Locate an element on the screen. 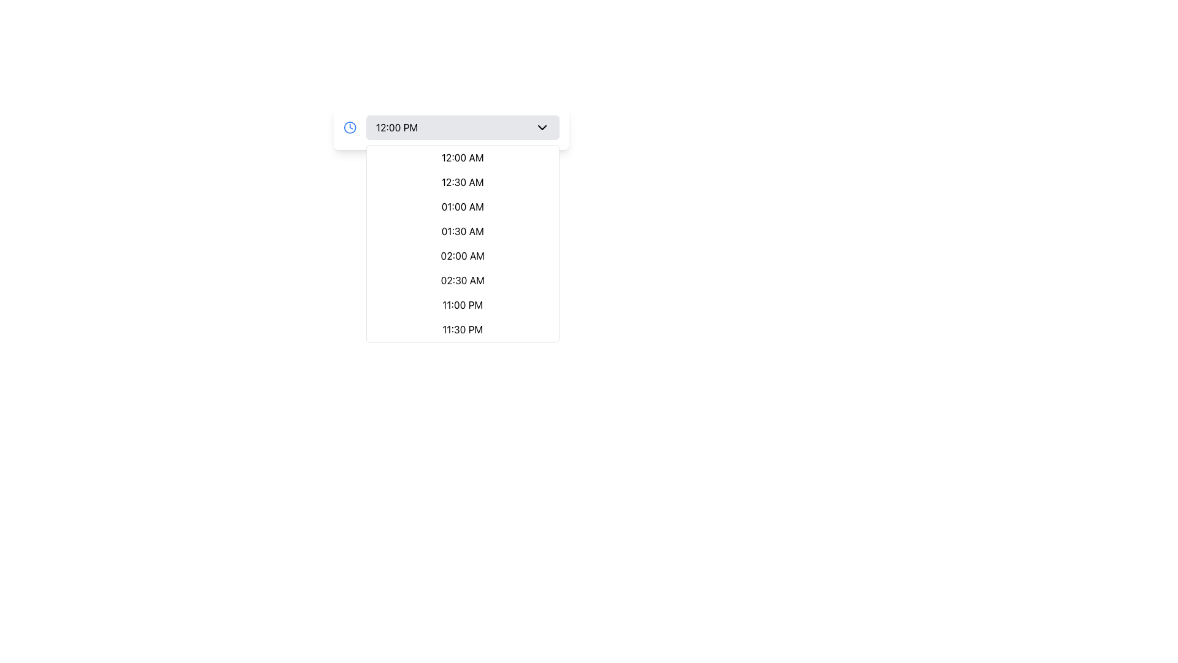 This screenshot has height=663, width=1178. the list item displaying '01:30 AM' in the dropdown menu is located at coordinates (462, 231).